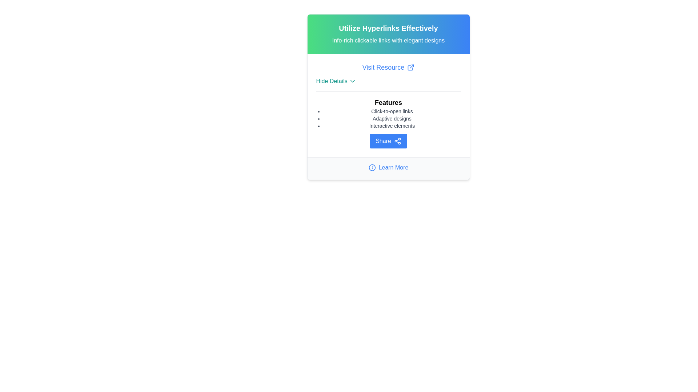  I want to click on the text element displaying 'Info-rich clickable links with elegant designs', which is styled in white sans-serif font on a gradient background, so click(388, 40).